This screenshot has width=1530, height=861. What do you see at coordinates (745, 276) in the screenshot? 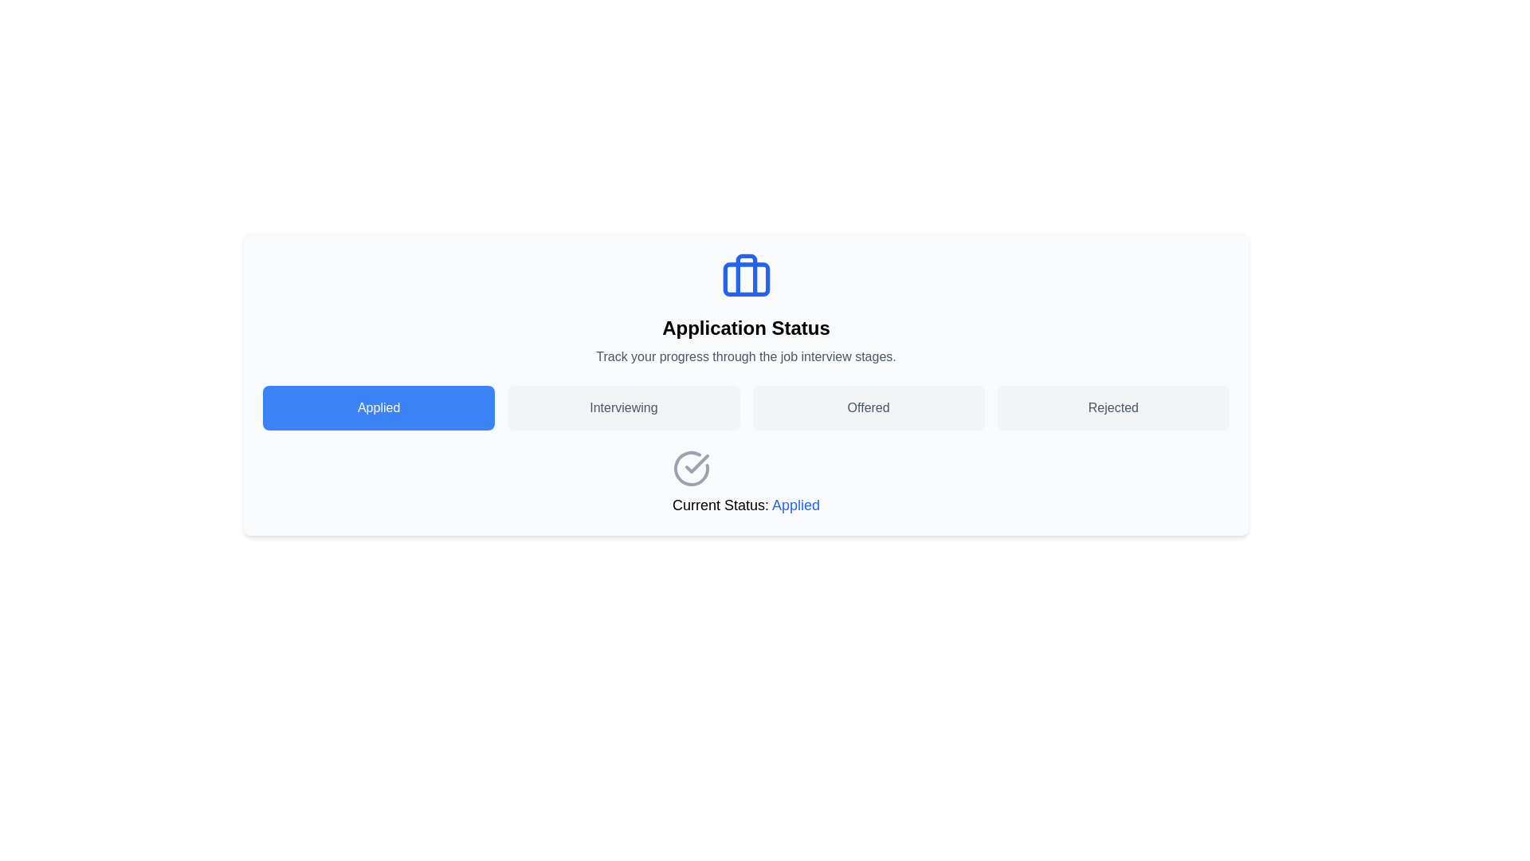
I see `the blue briefcase icon located at the top center of the 'Application Status' section, which is directly above the text 'Application Status'` at bounding box center [745, 276].